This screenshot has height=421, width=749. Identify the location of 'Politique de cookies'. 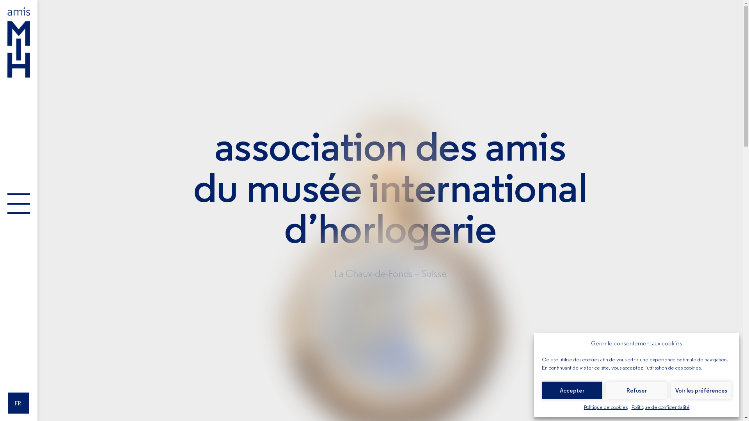
(584, 407).